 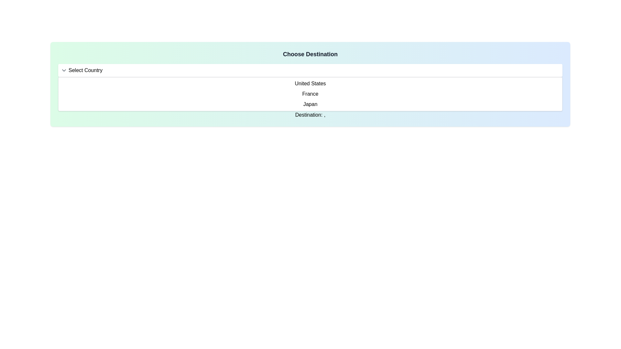 I want to click on the selectable list item displaying 'Japan', so click(x=310, y=104).